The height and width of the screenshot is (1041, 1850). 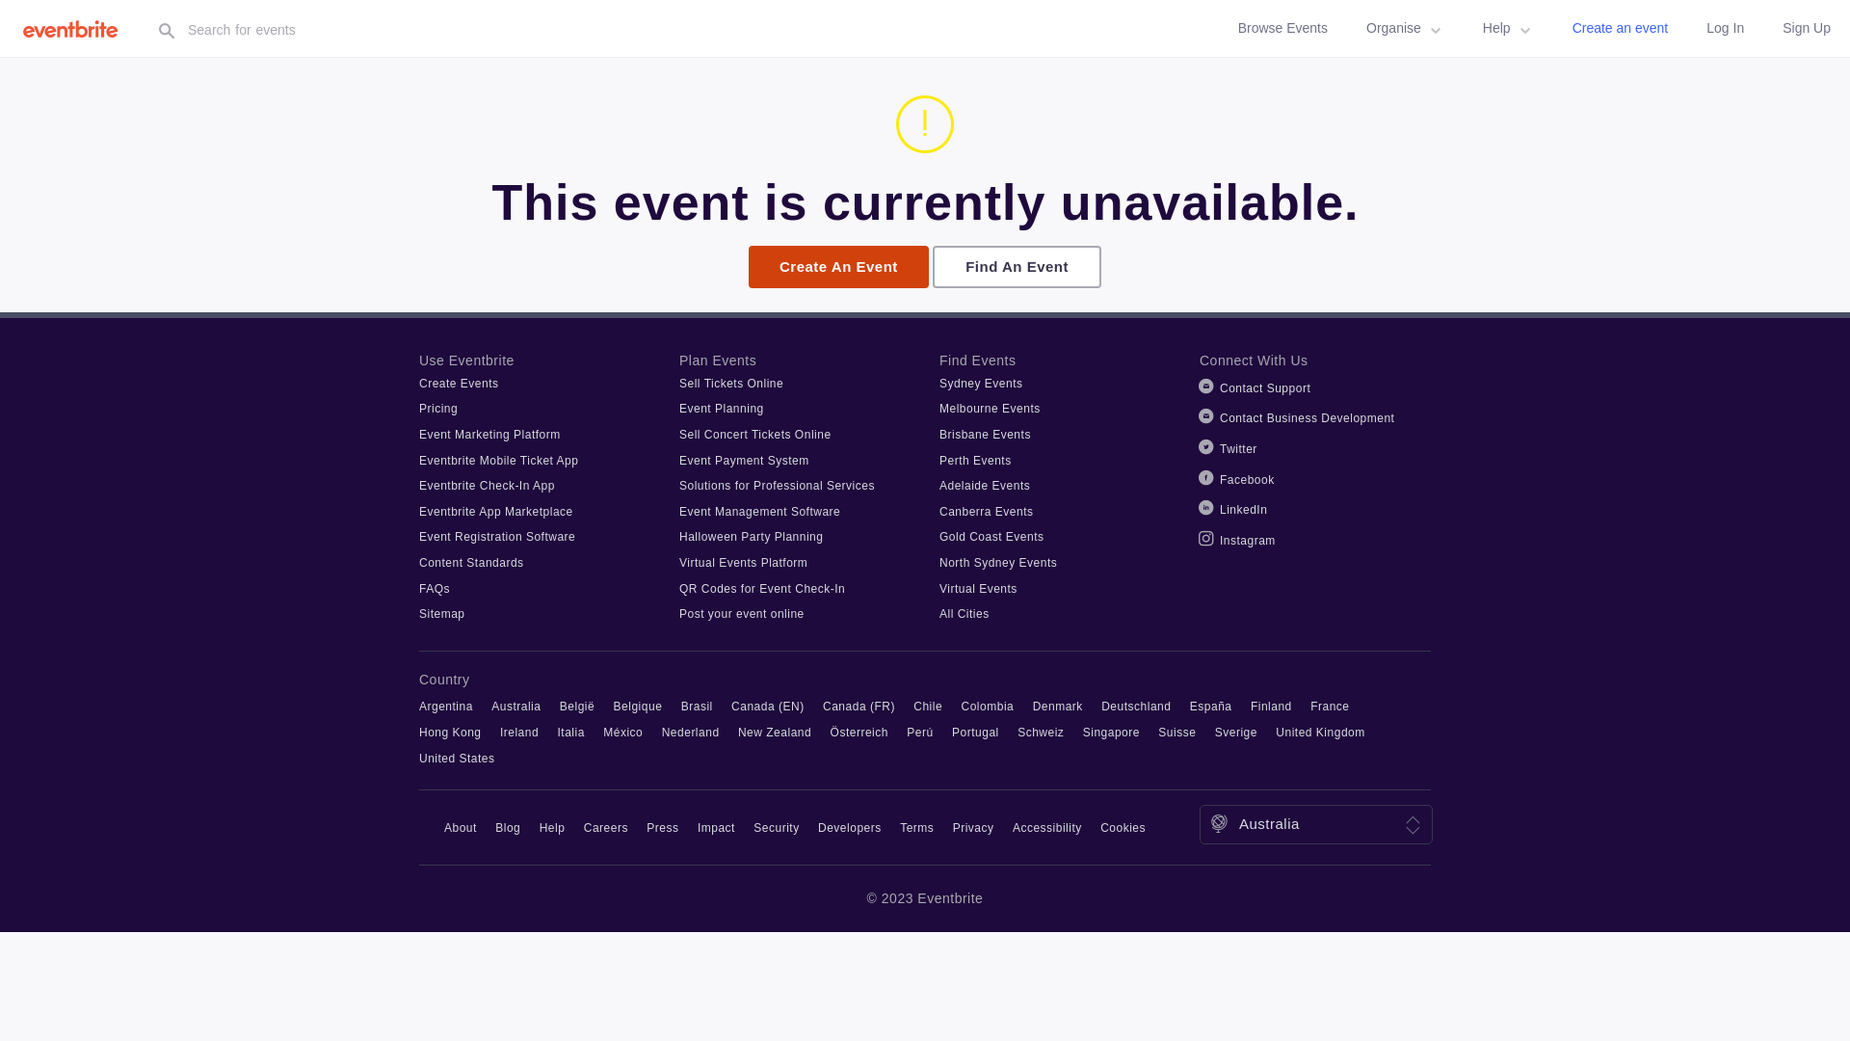 What do you see at coordinates (978, 587) in the screenshot?
I see `'Virtual Events'` at bounding box center [978, 587].